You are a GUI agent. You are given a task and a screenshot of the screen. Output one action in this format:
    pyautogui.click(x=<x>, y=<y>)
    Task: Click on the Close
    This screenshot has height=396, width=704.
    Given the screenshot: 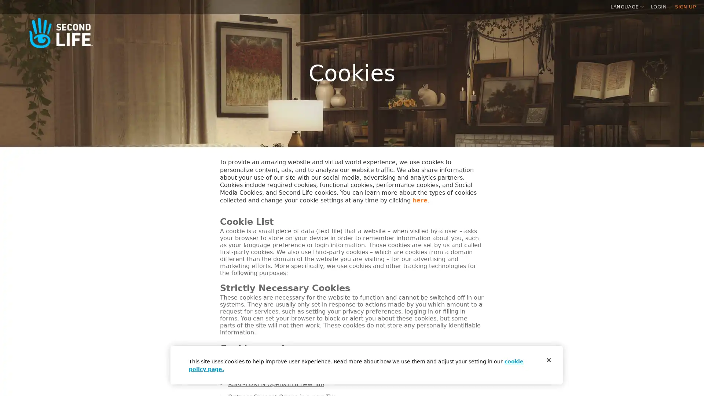 What is the action you would take?
    pyautogui.click(x=549, y=360)
    